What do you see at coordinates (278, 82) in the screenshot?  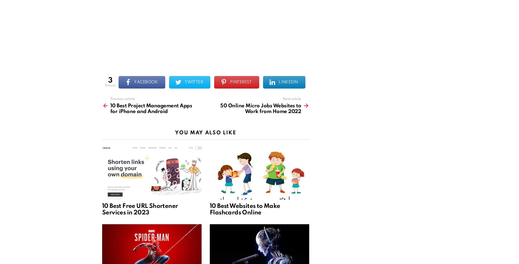 I see `'LinkedIn'` at bounding box center [278, 82].